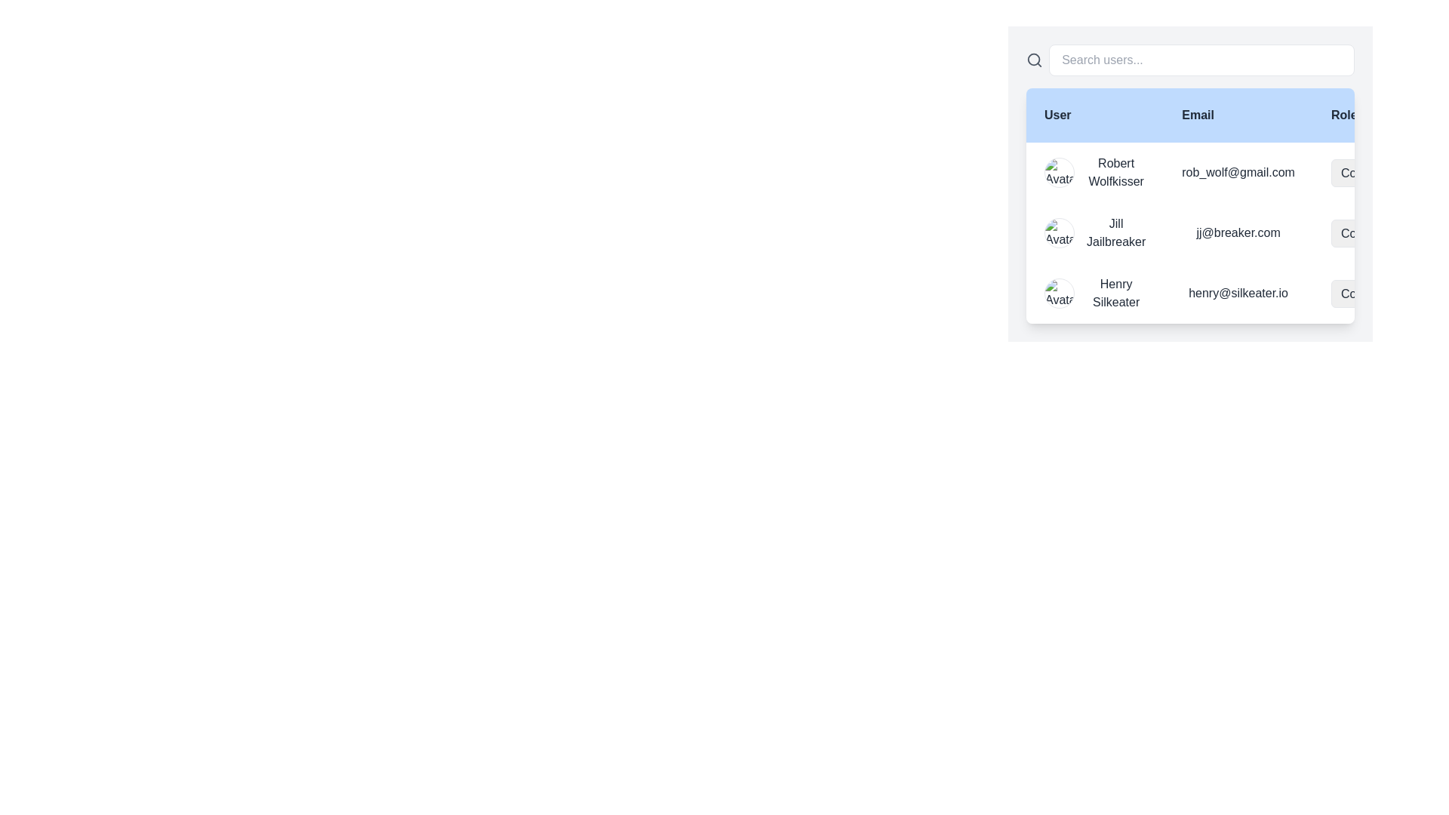  What do you see at coordinates (1116, 294) in the screenshot?
I see `the text label displaying 'Henry Silkeater', which is located` at bounding box center [1116, 294].